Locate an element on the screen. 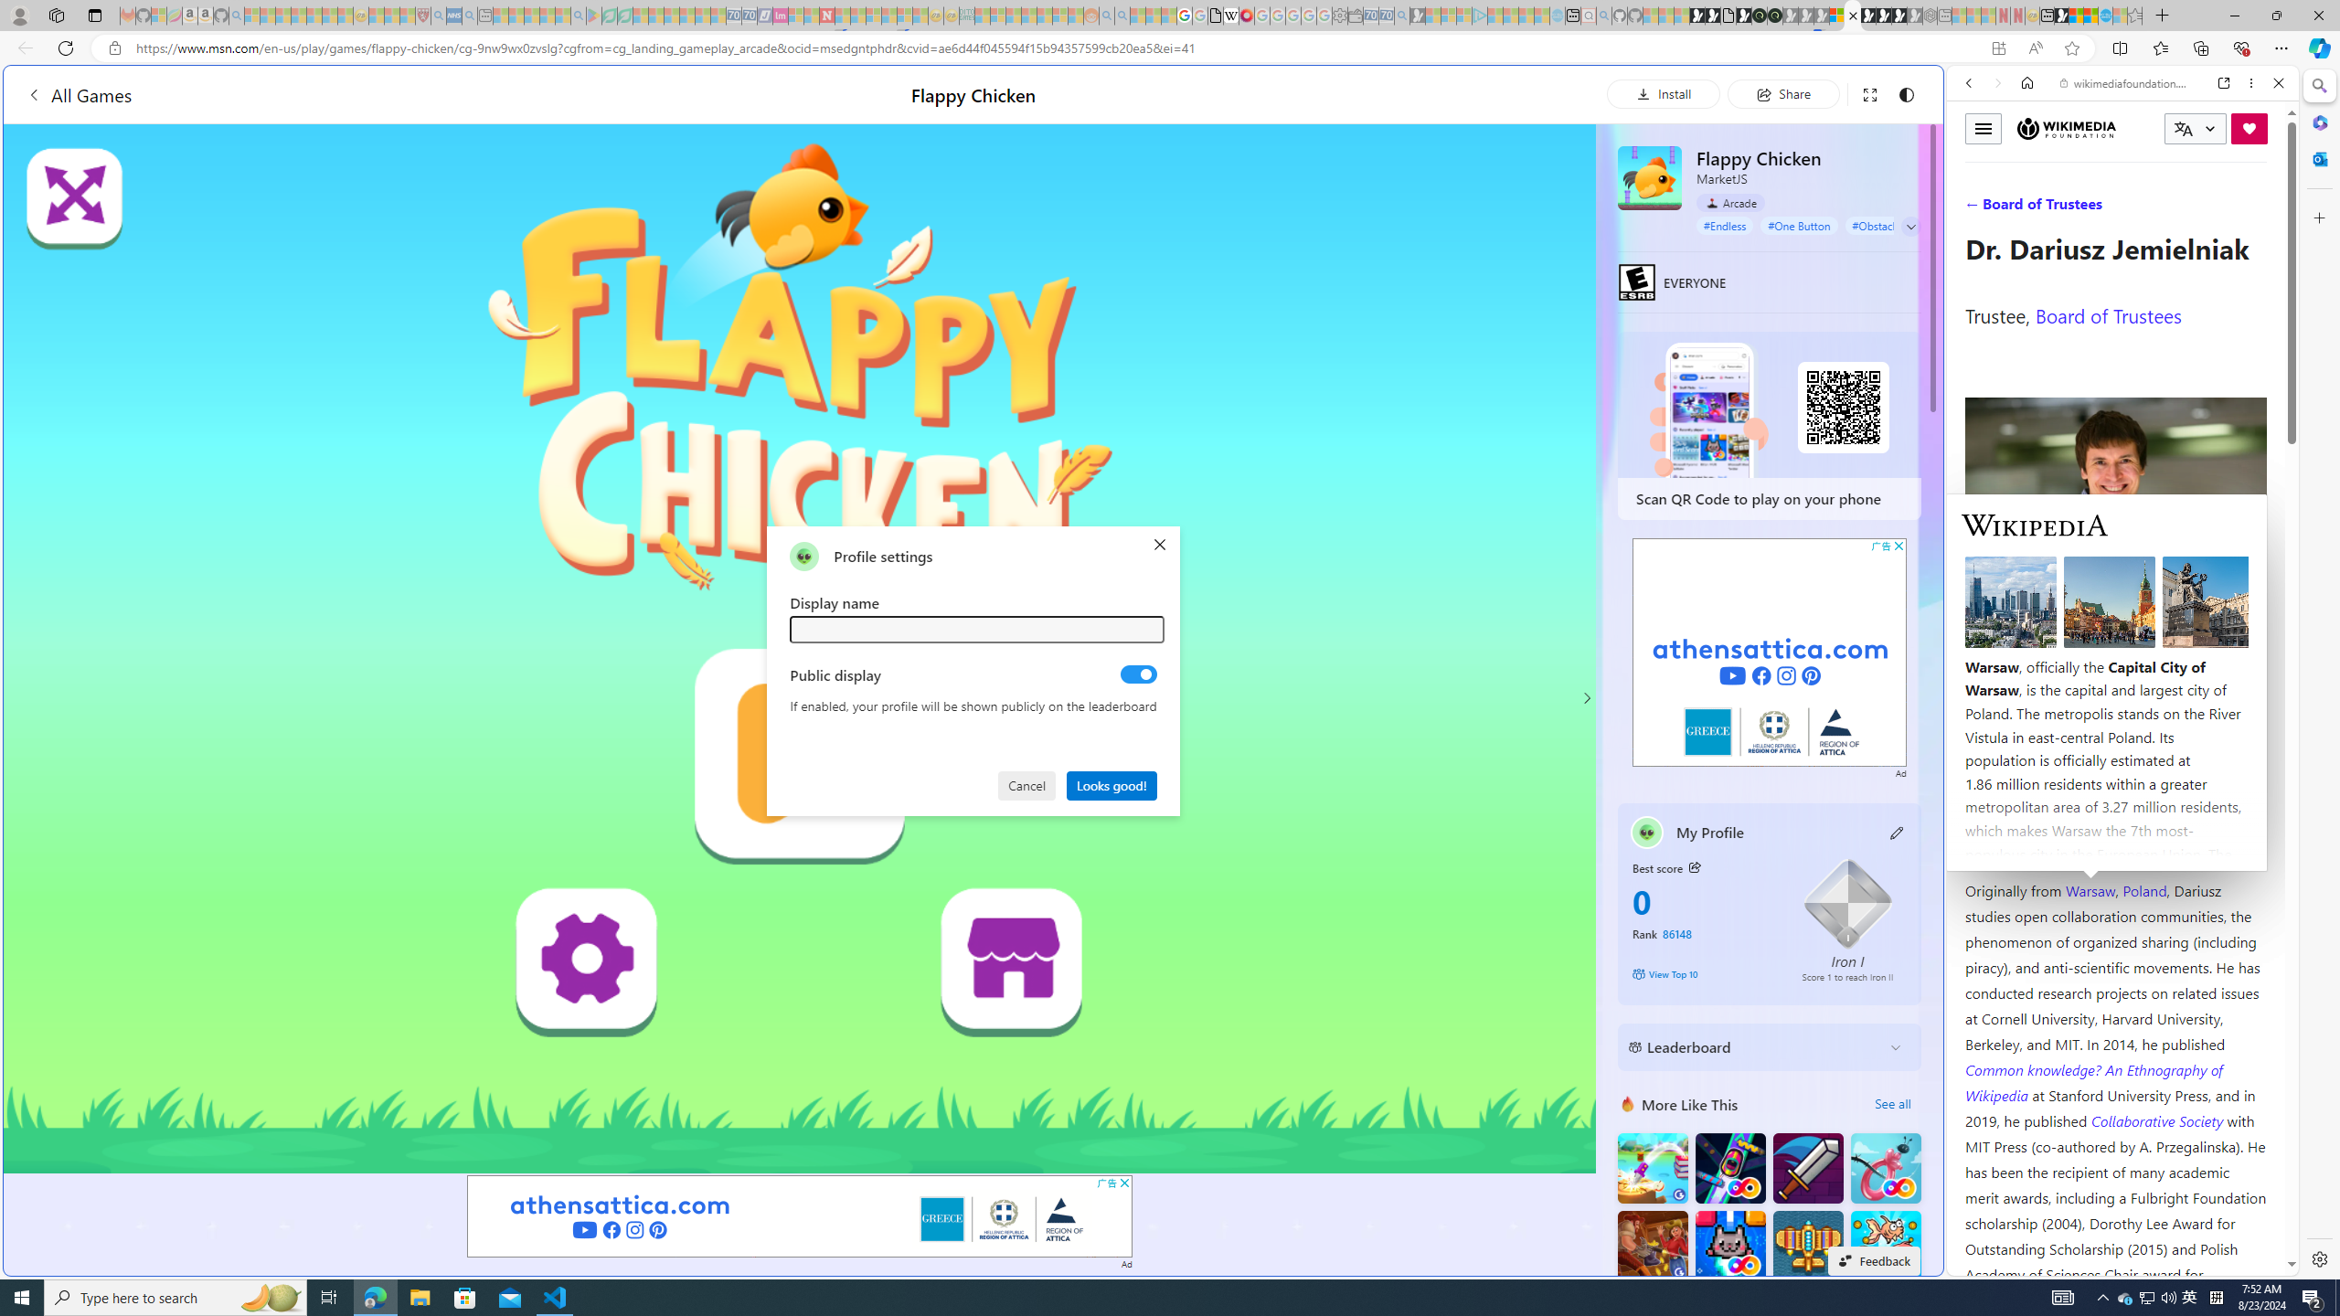  'More Like This' is located at coordinates (1627, 1103).